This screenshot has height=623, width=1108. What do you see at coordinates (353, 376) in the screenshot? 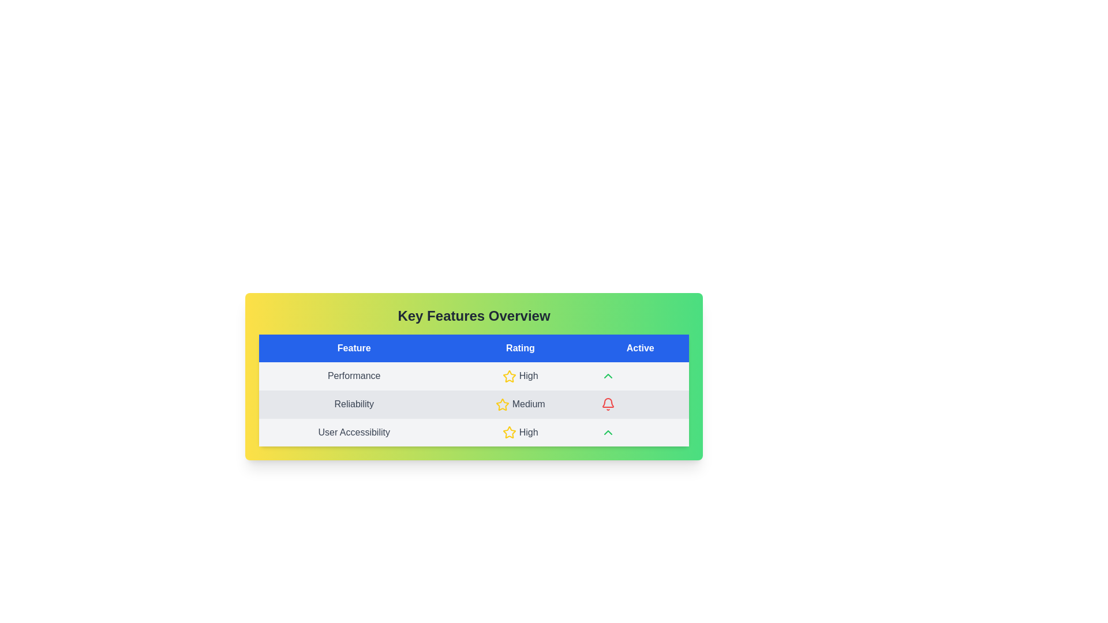
I see `the 'Performance' text label located in the first column of the first data row of the 'Key Features Overview' table` at bounding box center [353, 376].